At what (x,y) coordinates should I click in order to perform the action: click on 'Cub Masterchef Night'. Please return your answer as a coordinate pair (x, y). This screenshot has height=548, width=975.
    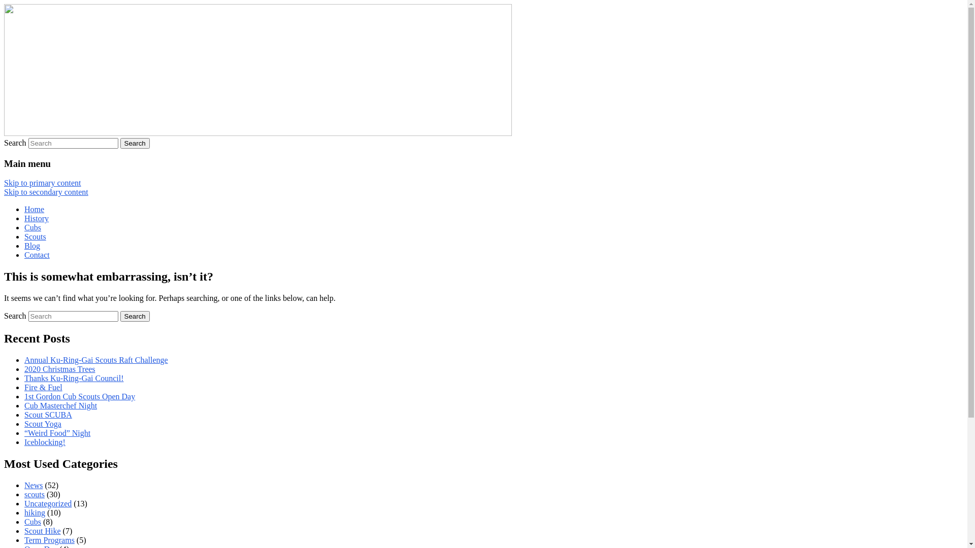
    Looking at the image, I should click on (60, 405).